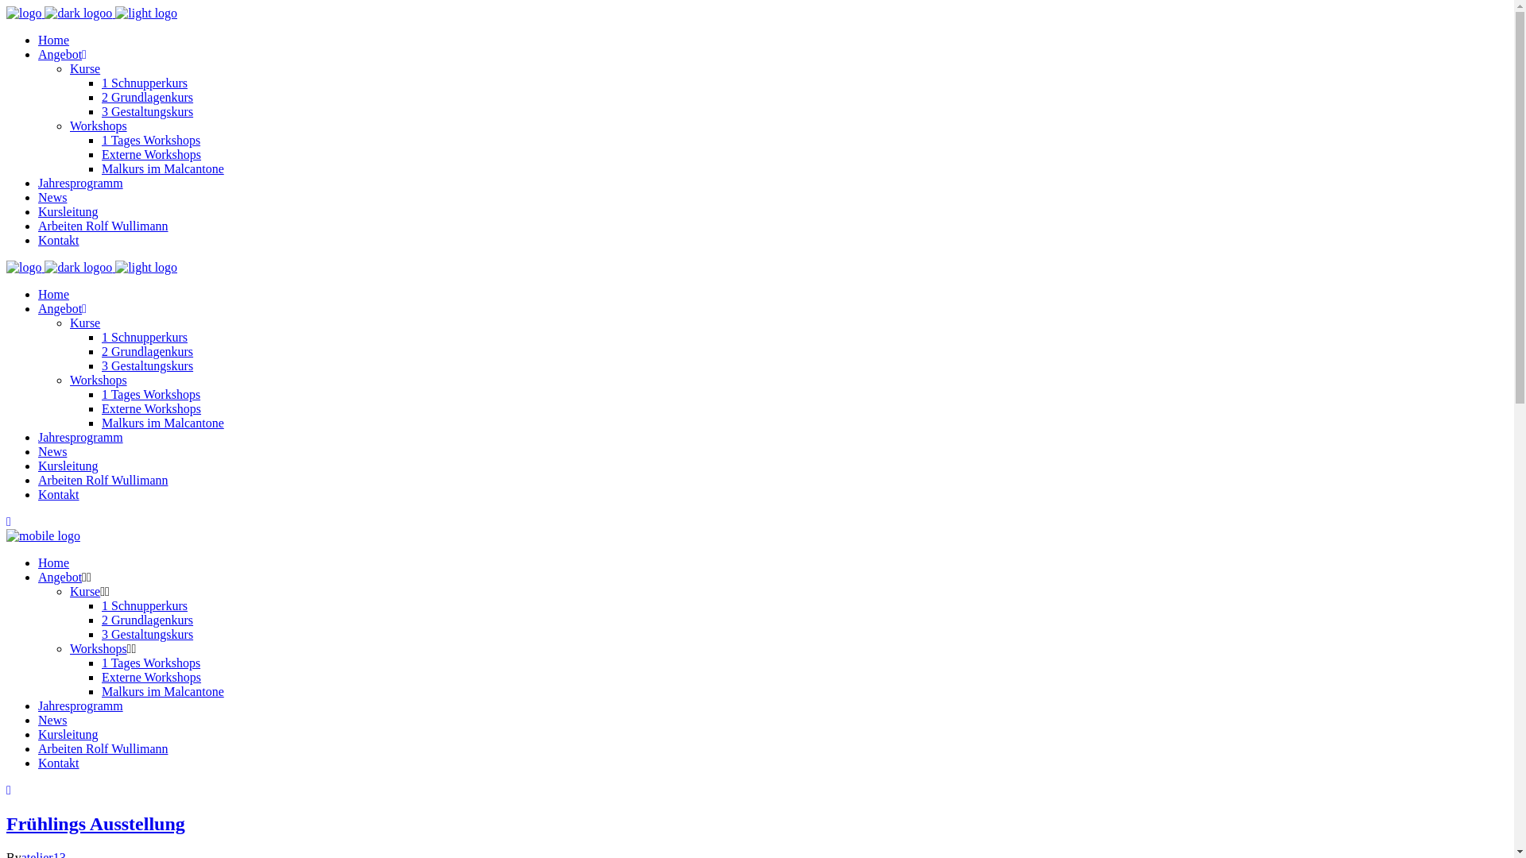 This screenshot has width=1526, height=858. I want to click on 'Workshops', so click(98, 125).